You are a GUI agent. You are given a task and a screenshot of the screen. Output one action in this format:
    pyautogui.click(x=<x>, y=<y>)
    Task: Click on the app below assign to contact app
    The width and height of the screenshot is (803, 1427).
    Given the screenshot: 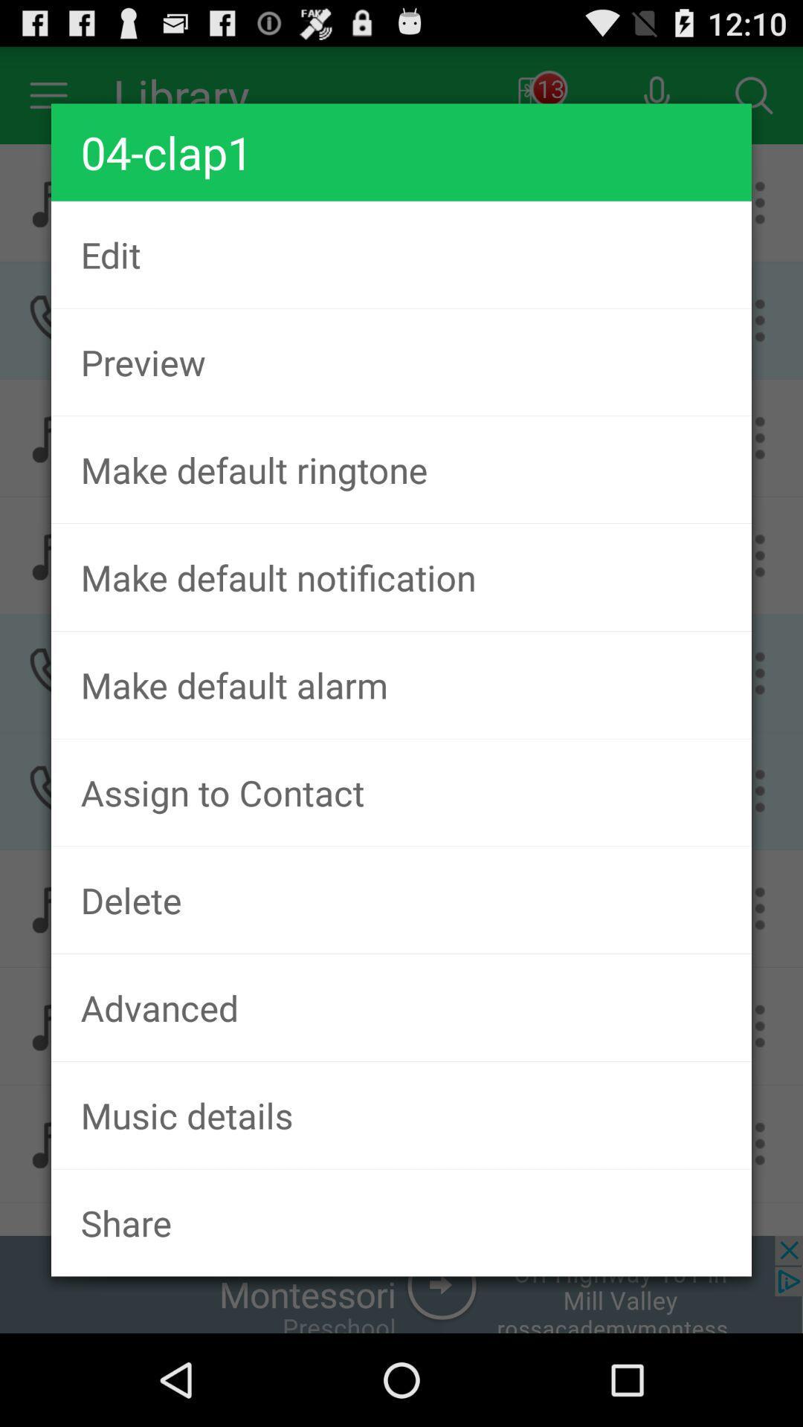 What is the action you would take?
    pyautogui.click(x=401, y=899)
    